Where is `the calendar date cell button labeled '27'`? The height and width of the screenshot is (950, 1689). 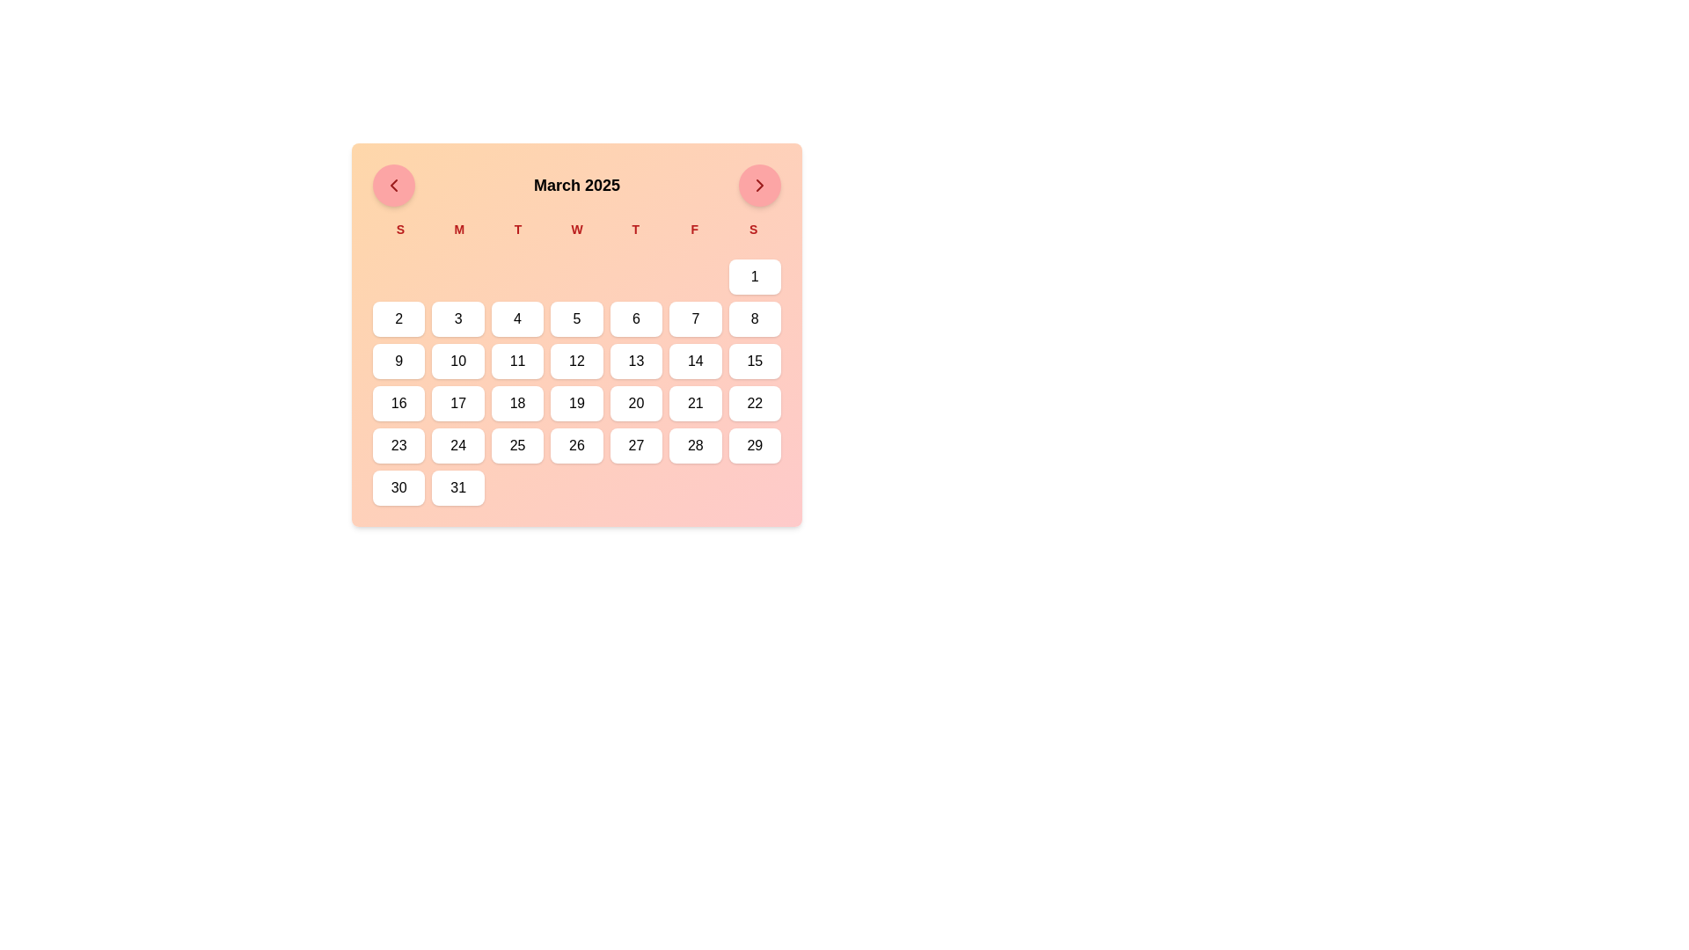 the calendar date cell button labeled '27' is located at coordinates (635, 444).